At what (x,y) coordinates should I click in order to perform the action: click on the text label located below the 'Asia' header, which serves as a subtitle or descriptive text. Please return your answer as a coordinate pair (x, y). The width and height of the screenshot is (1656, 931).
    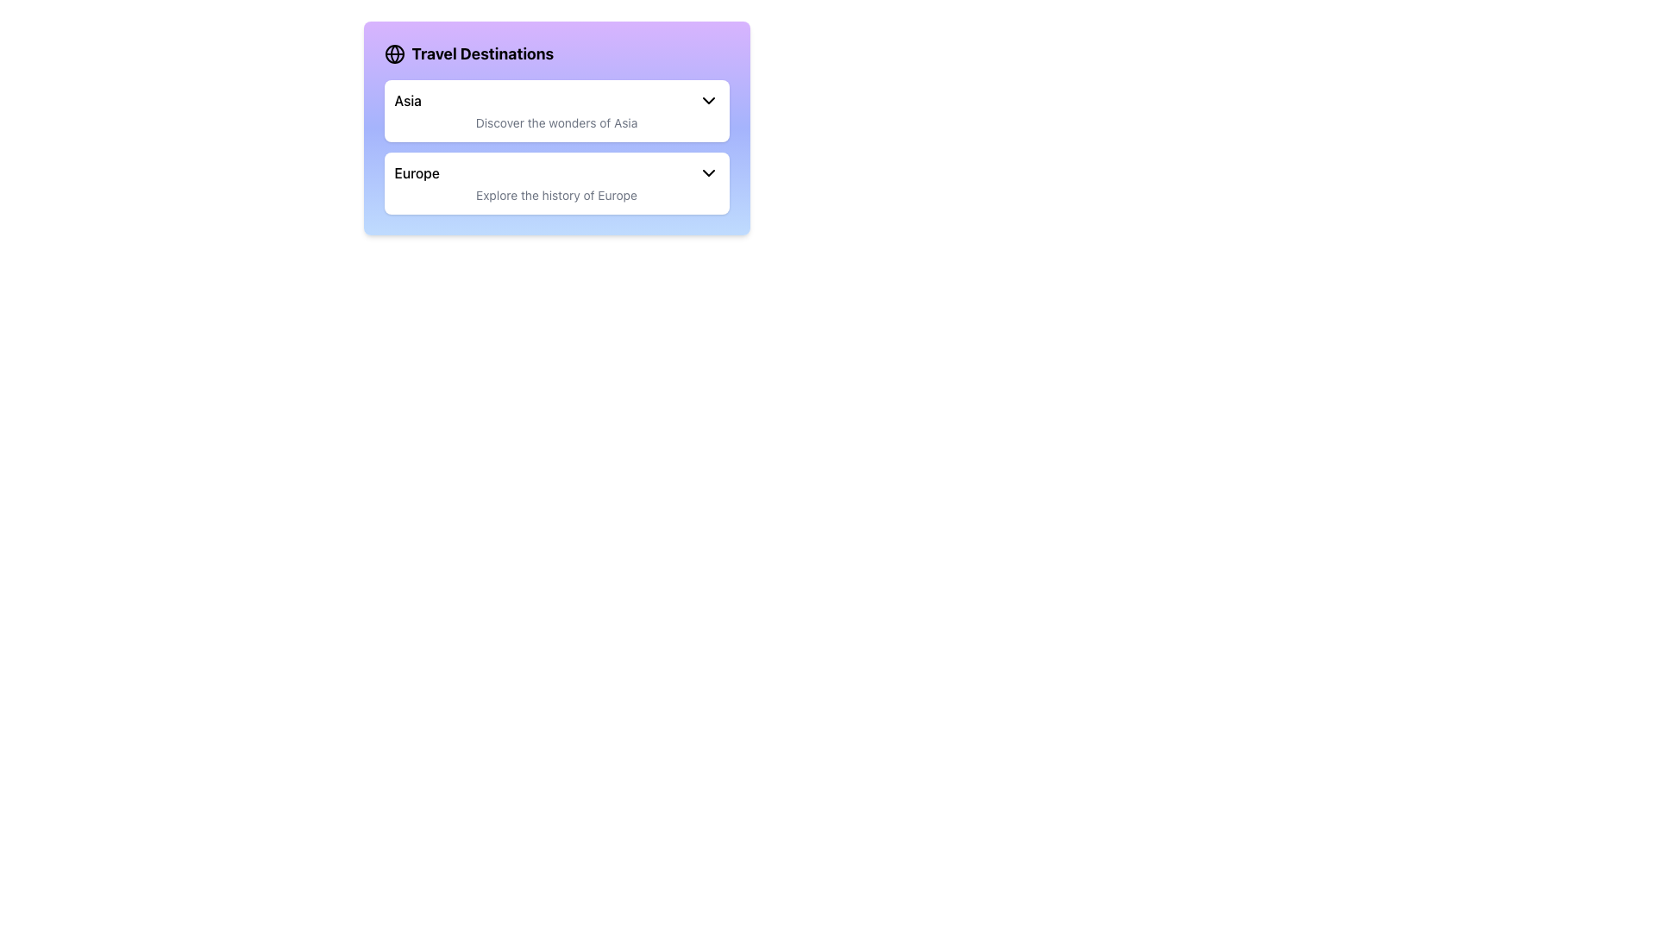
    Looking at the image, I should click on (556, 122).